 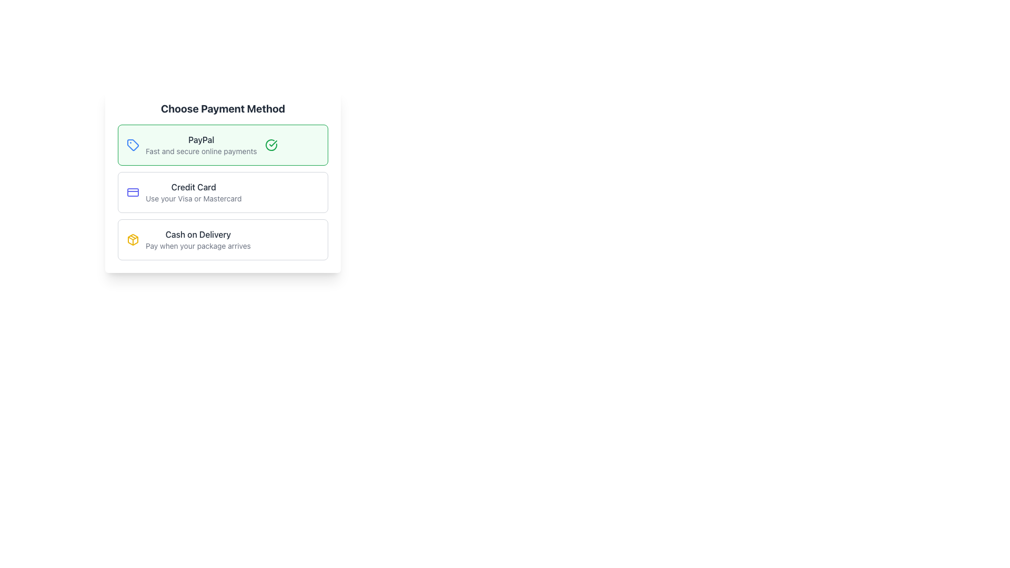 What do you see at coordinates (201, 145) in the screenshot?
I see `text of the 'PayPal' label, which includes a bold 'PayPal' and a subtitle 'Fast and secure online payments' on a light green background, located at the top of the payment options` at bounding box center [201, 145].